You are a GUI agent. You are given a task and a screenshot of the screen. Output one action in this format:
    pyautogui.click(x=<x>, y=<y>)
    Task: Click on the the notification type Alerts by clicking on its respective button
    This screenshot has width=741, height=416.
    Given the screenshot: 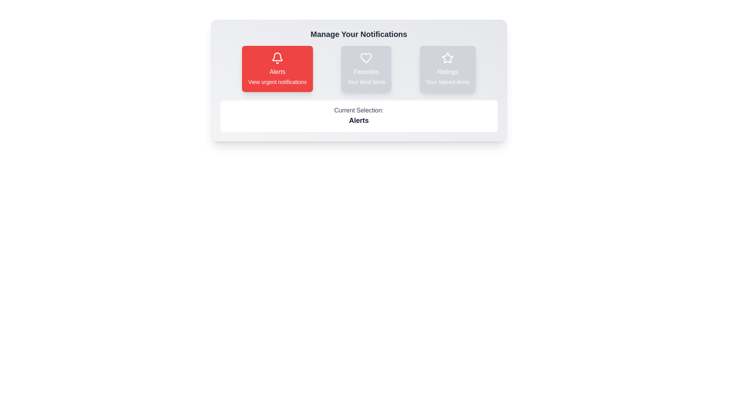 What is the action you would take?
    pyautogui.click(x=277, y=68)
    